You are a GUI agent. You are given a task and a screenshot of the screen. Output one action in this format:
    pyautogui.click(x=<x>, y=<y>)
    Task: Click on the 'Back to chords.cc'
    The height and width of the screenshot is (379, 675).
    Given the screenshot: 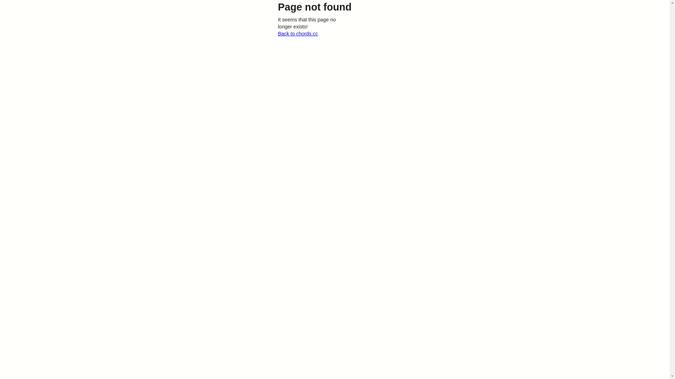 What is the action you would take?
    pyautogui.click(x=277, y=34)
    